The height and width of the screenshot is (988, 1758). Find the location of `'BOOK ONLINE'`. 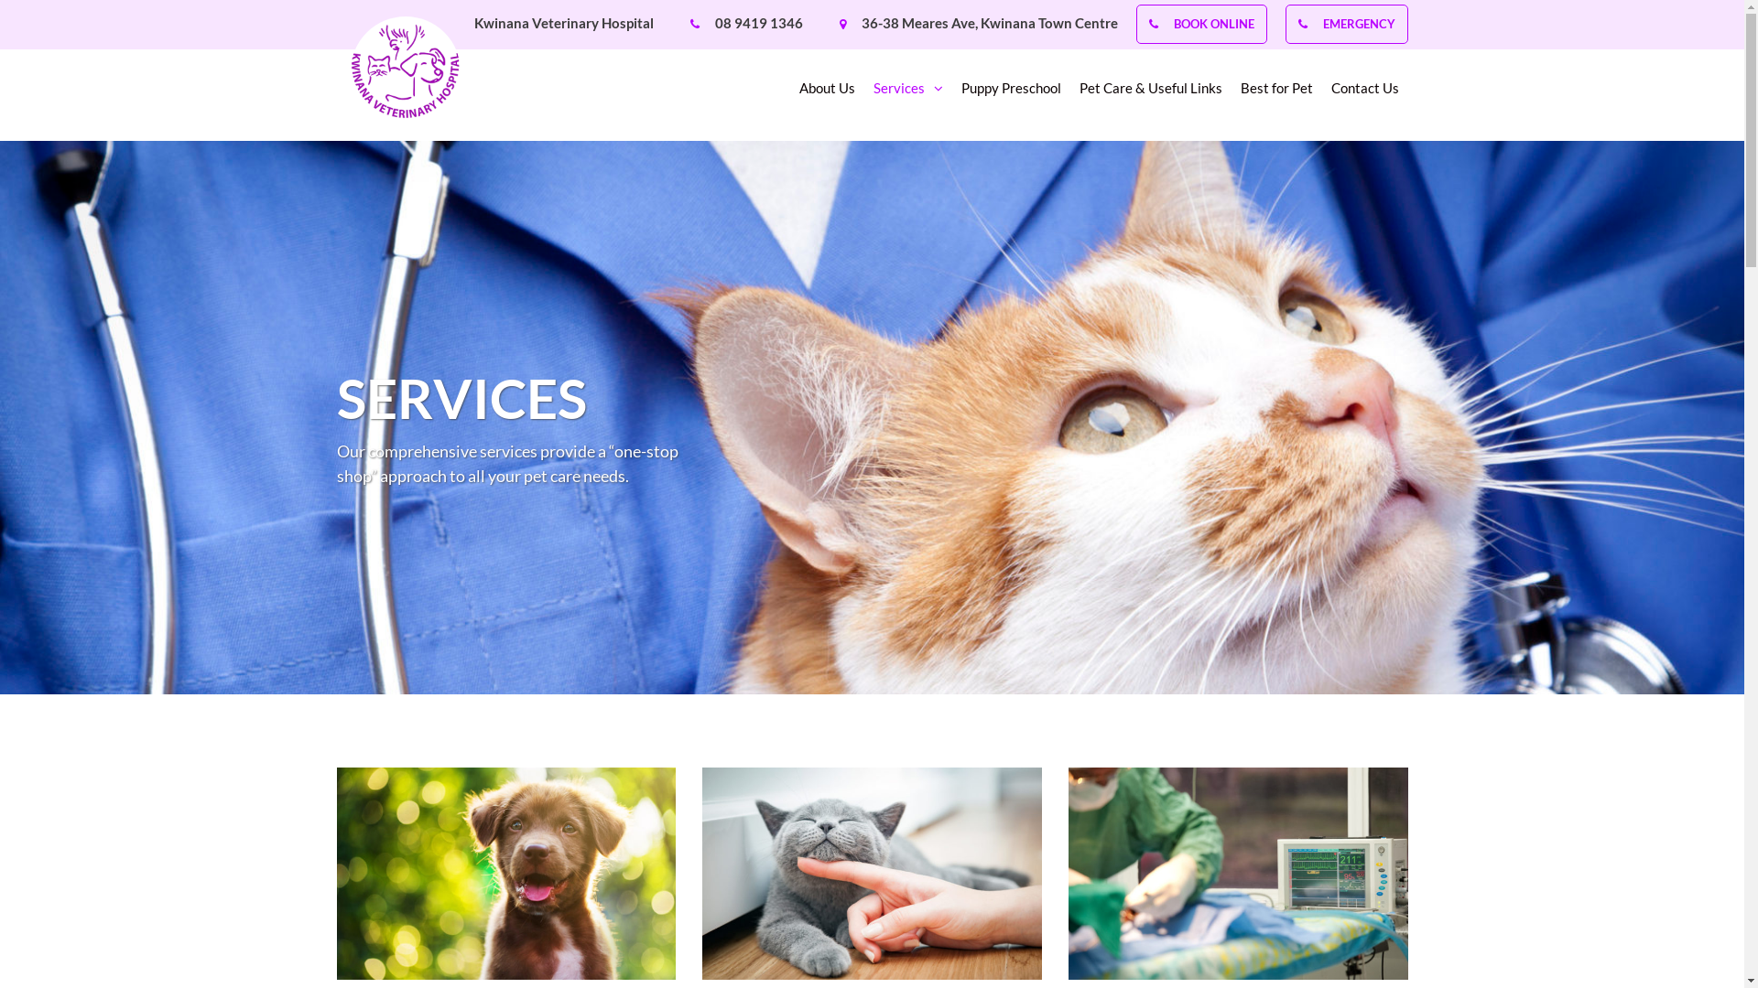

'BOOK ONLINE' is located at coordinates (1213, 24).